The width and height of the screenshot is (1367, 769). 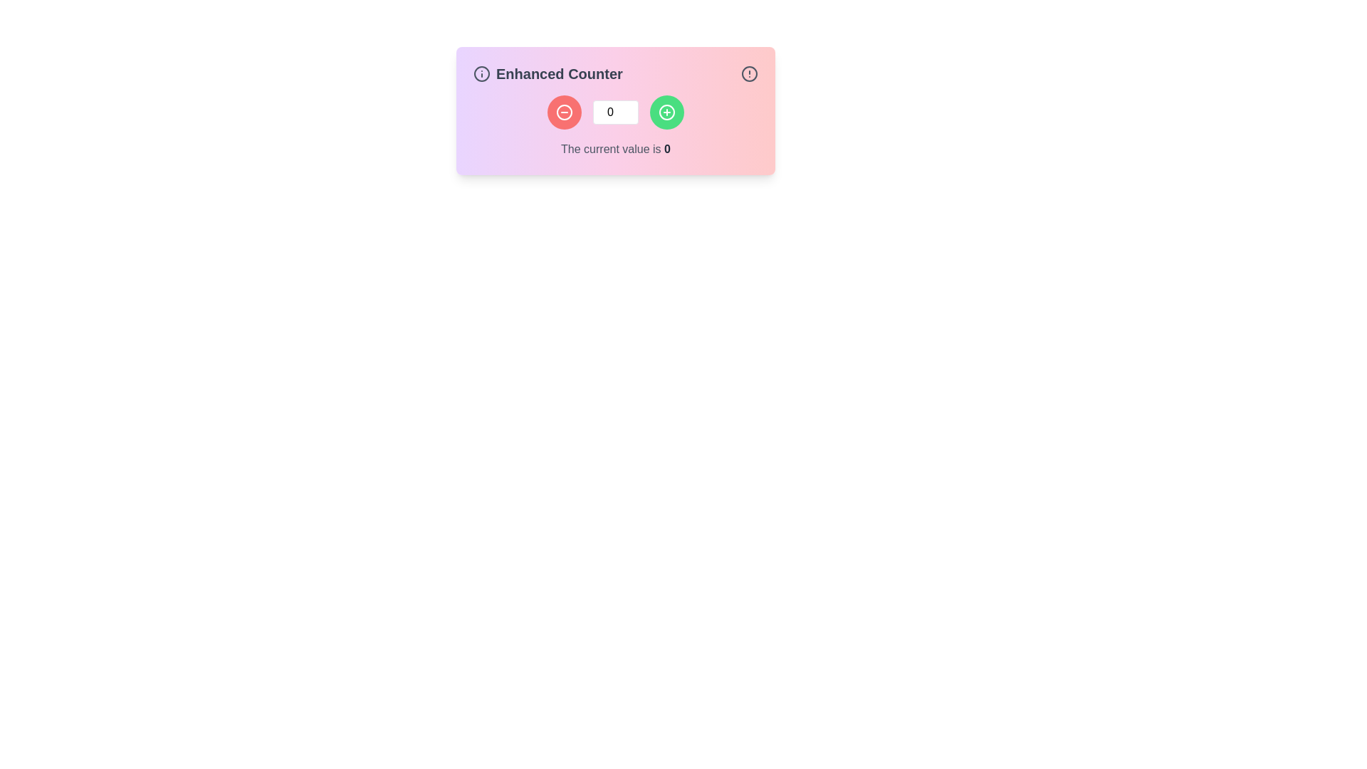 What do you see at coordinates (666, 149) in the screenshot?
I see `the Text Label that displays the current numerical value in bold within the sentence 'The current value is 0'` at bounding box center [666, 149].